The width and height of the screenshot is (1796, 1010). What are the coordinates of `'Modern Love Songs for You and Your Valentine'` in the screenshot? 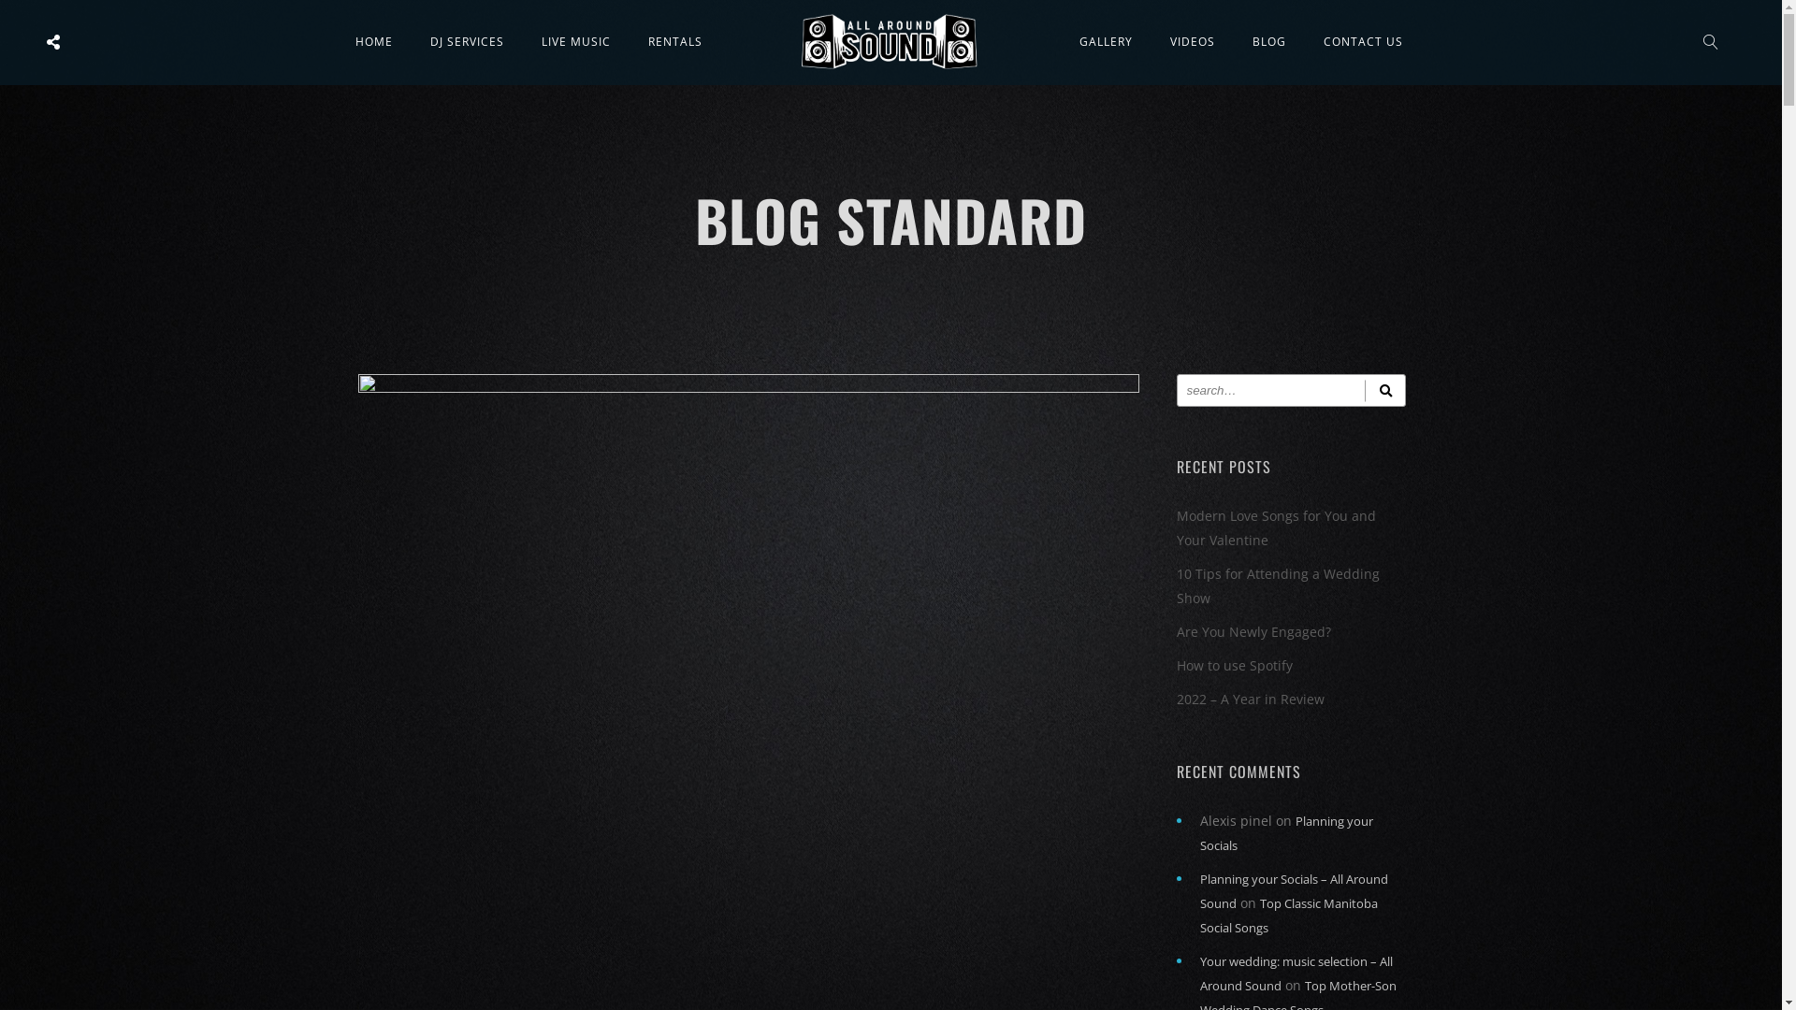 It's located at (1275, 527).